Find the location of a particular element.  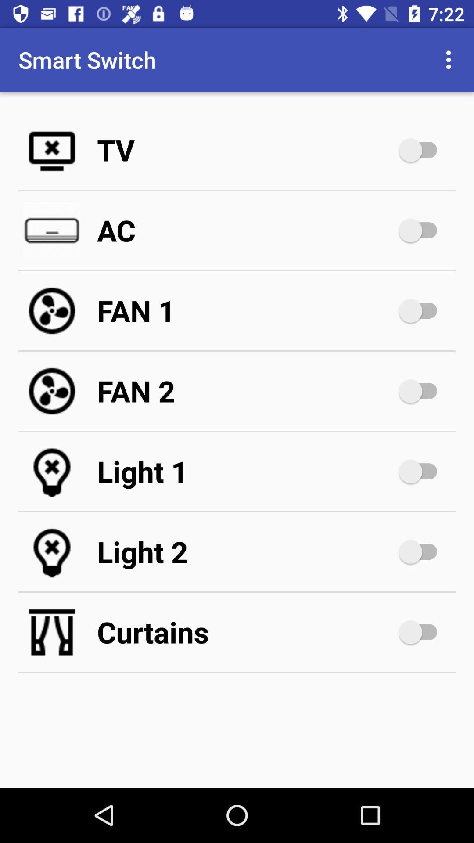

curtains is located at coordinates (246, 632).